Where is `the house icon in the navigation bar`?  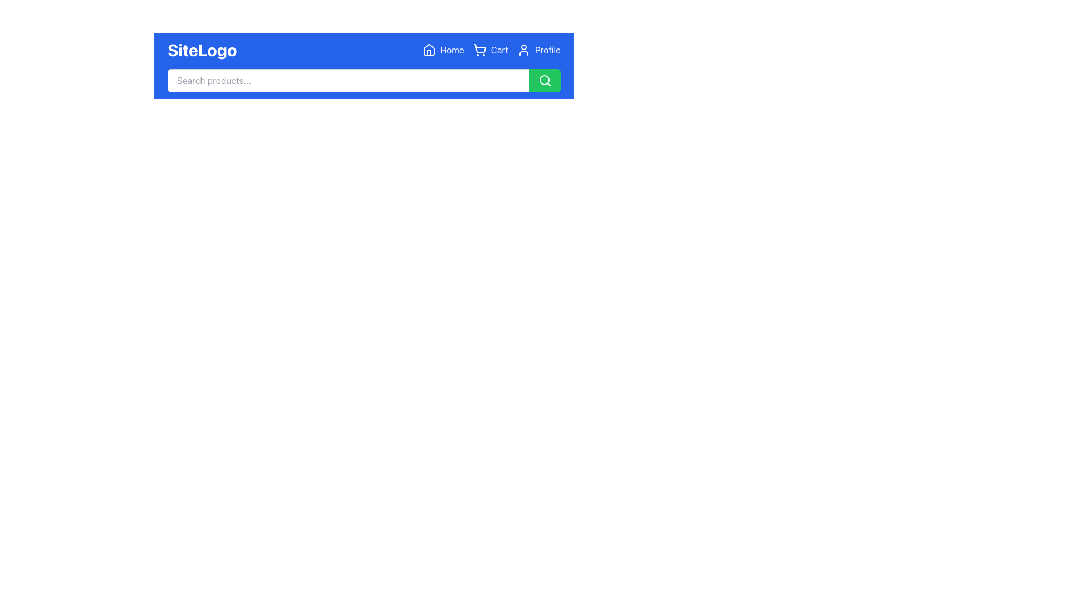
the house icon in the navigation bar is located at coordinates (428, 49).